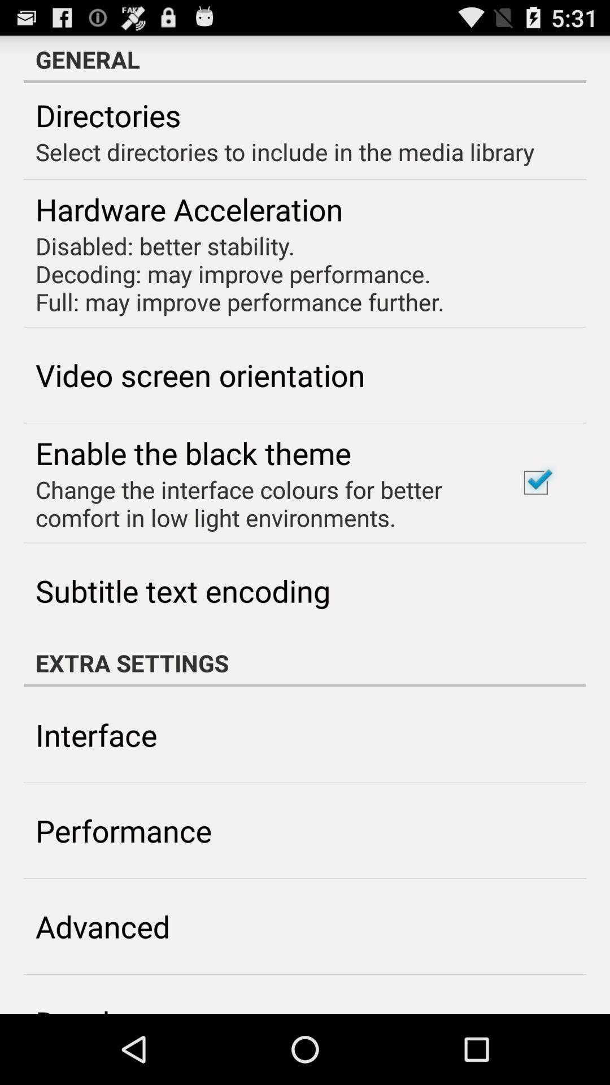 The image size is (610, 1085). I want to click on item below select directories to app, so click(535, 483).